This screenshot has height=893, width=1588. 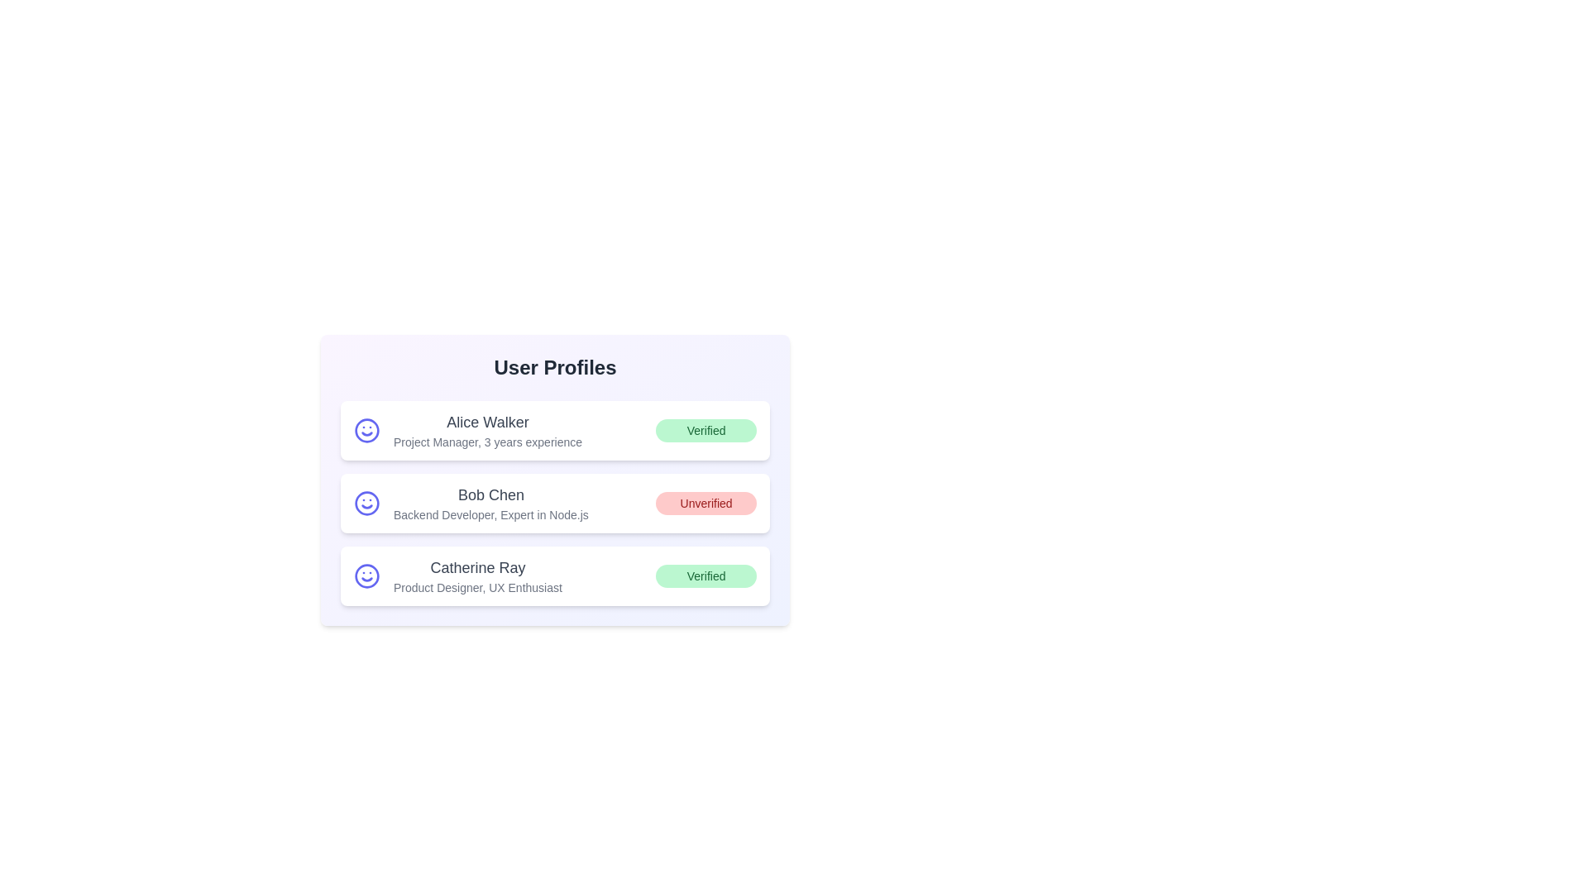 I want to click on the verification status of Bob Chen to toggle or view details, so click(x=706, y=503).